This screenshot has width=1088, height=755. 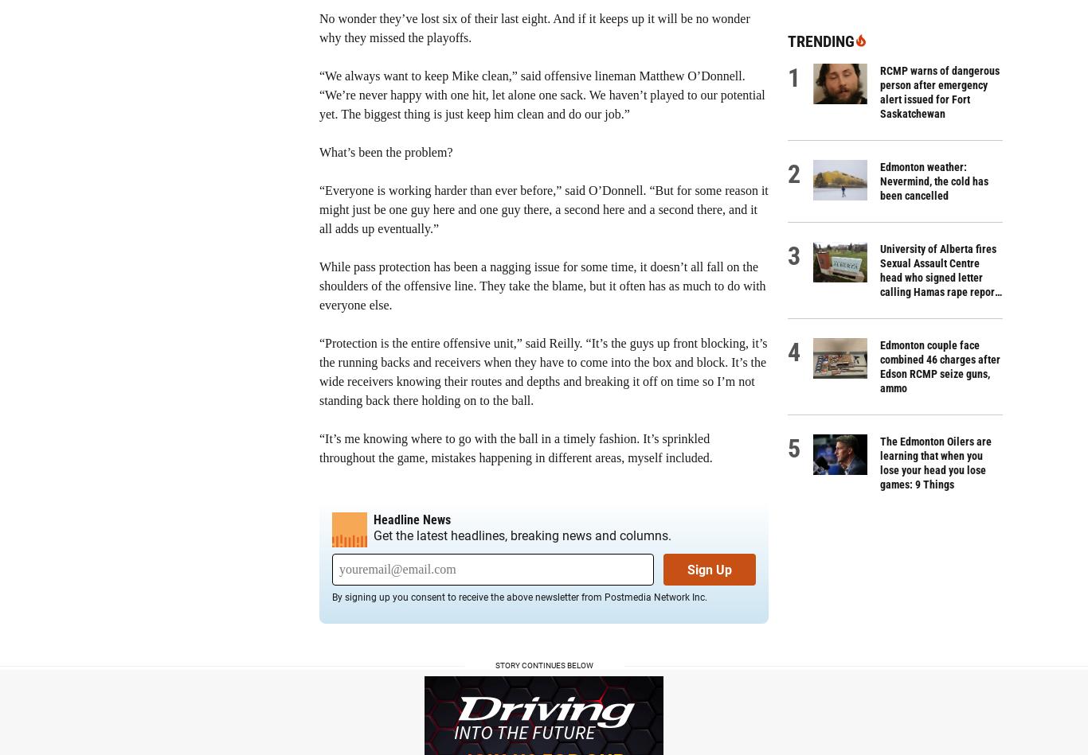 I want to click on 'By signing up you consent to receive the above newsletter from Postmedia Network Inc.', so click(x=519, y=597).